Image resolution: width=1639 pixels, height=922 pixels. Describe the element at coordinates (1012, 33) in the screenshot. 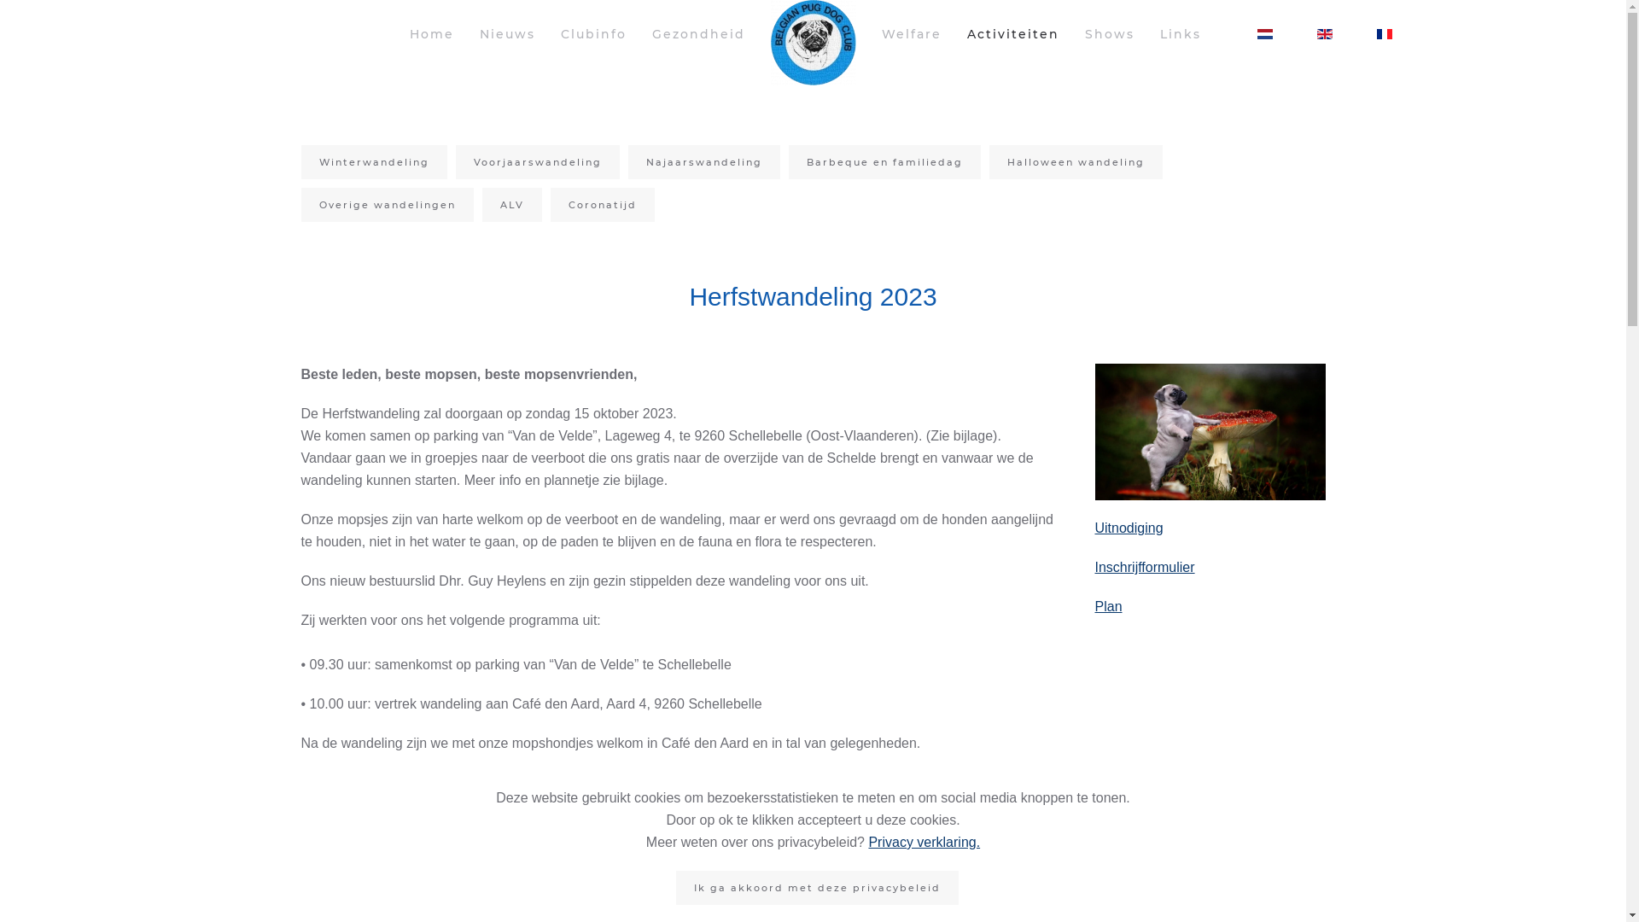

I see `'Activiteiten'` at that location.